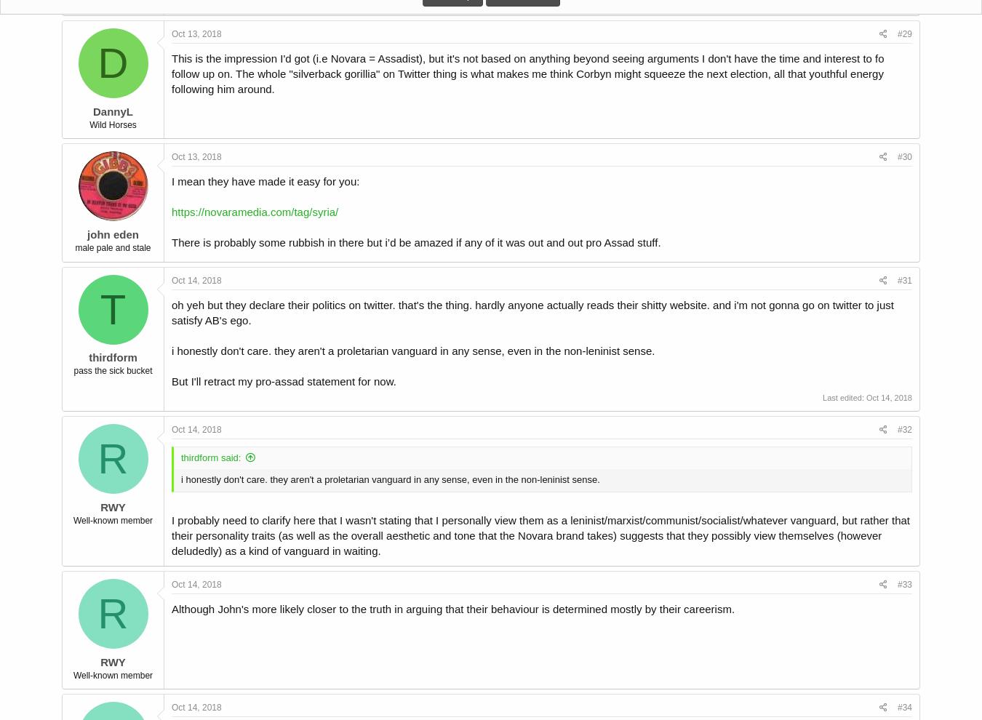 The height and width of the screenshot is (720, 982). What do you see at coordinates (112, 357) in the screenshot?
I see `'thirdform'` at bounding box center [112, 357].